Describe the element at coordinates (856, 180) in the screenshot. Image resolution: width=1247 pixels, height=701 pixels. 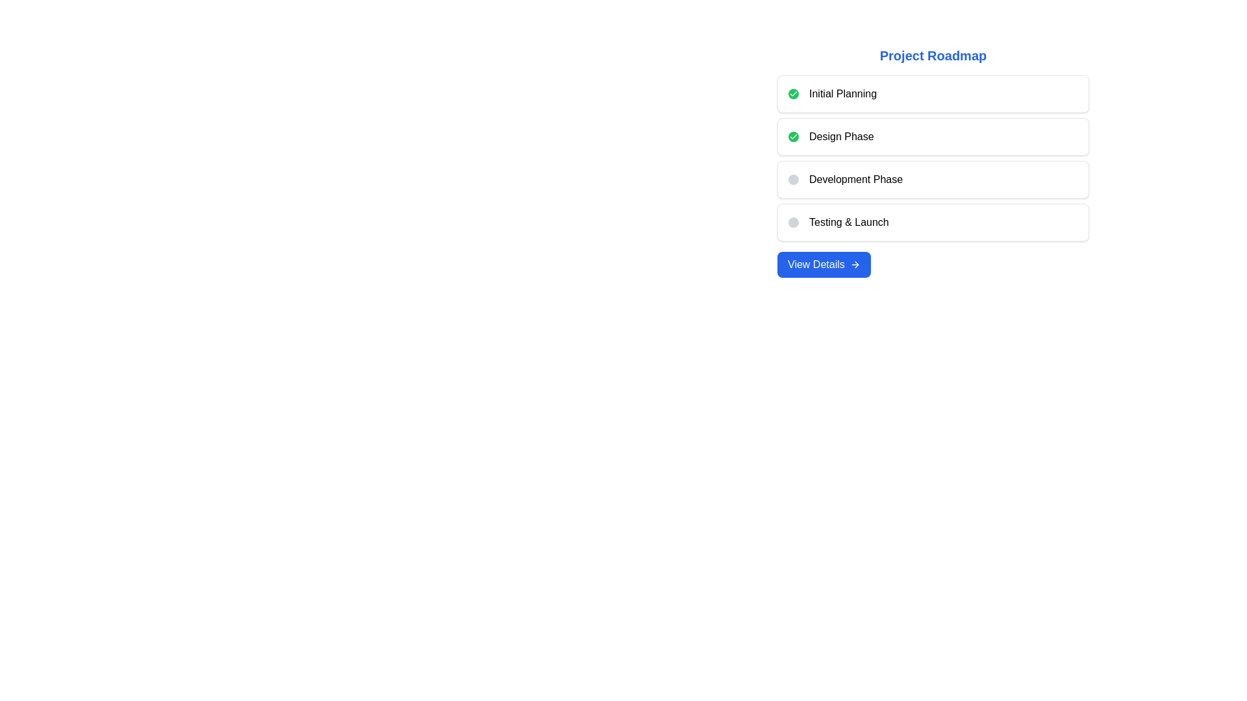
I see `text label that displays 'Development Phase' in black, styled in a sans-serif font, located within a white rectangular box near a circular icon on its left` at that location.